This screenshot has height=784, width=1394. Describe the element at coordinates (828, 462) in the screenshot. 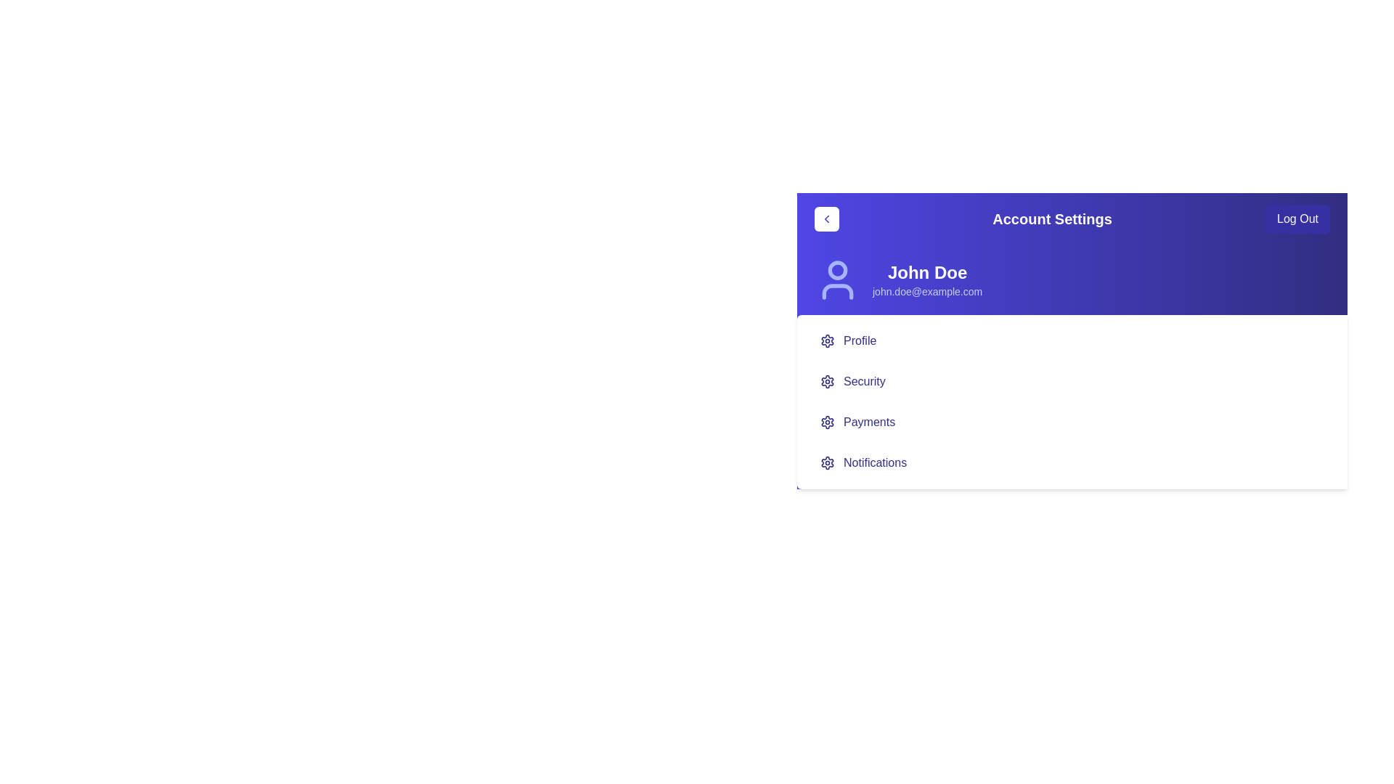

I see `the cogwheel icon located on the leftmost part of the 'Notifications' button in the Account Settings menu, which is the fourth button in the vertical list` at that location.